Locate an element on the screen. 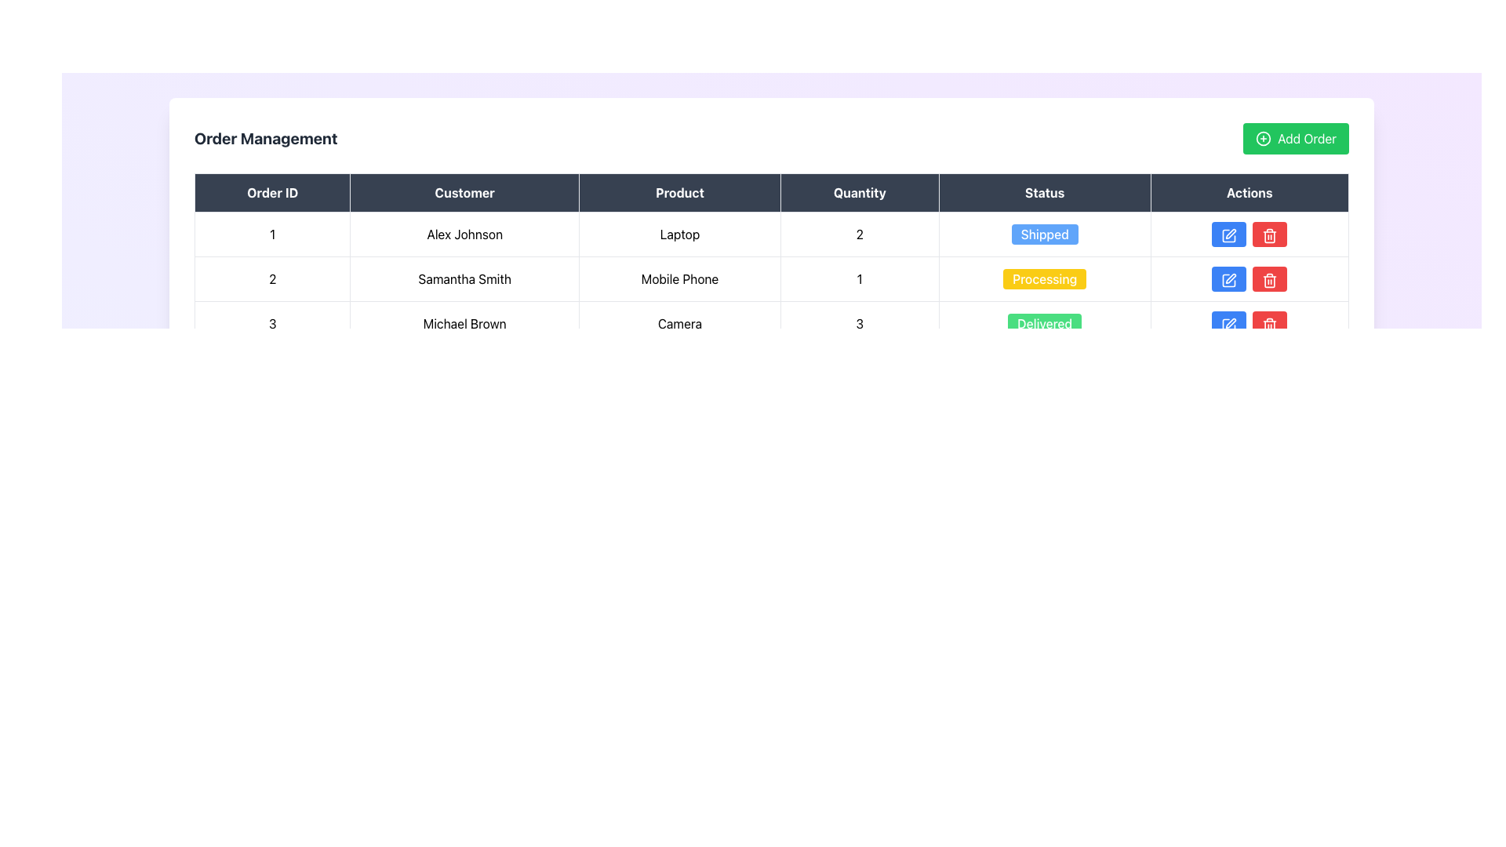  the edit action button located in the first row of the 'Actions' column of the data table to initiate editing is located at coordinates (1228, 234).